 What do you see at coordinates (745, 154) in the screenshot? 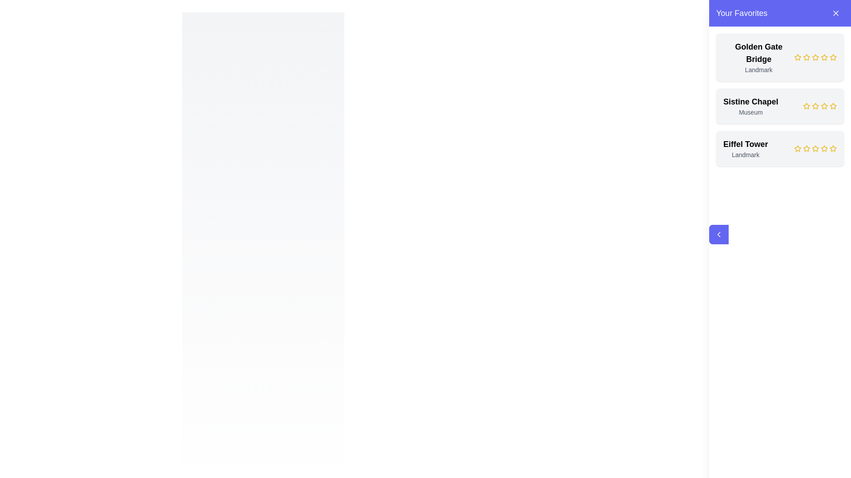
I see `the text label reading 'Landmark', which is styled in gray and positioned under the title 'Eiffel Tower'` at bounding box center [745, 154].